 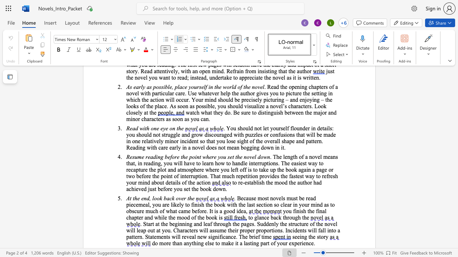 What do you see at coordinates (150, 217) in the screenshot?
I see `the space between the continuous character "n" and "d" in the text` at bounding box center [150, 217].